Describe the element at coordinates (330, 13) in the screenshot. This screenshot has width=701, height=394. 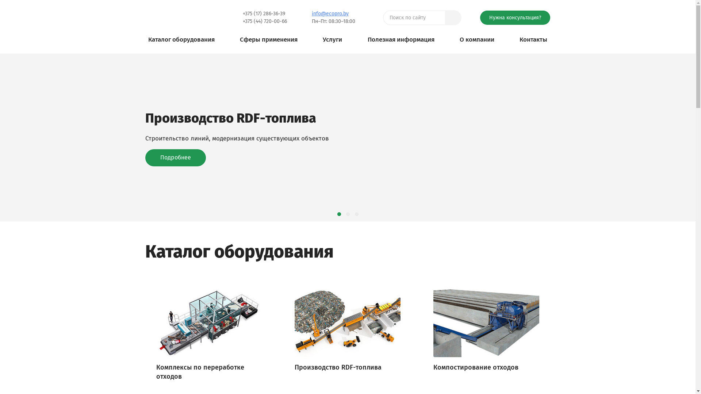
I see `'info@ecopro.by'` at that location.